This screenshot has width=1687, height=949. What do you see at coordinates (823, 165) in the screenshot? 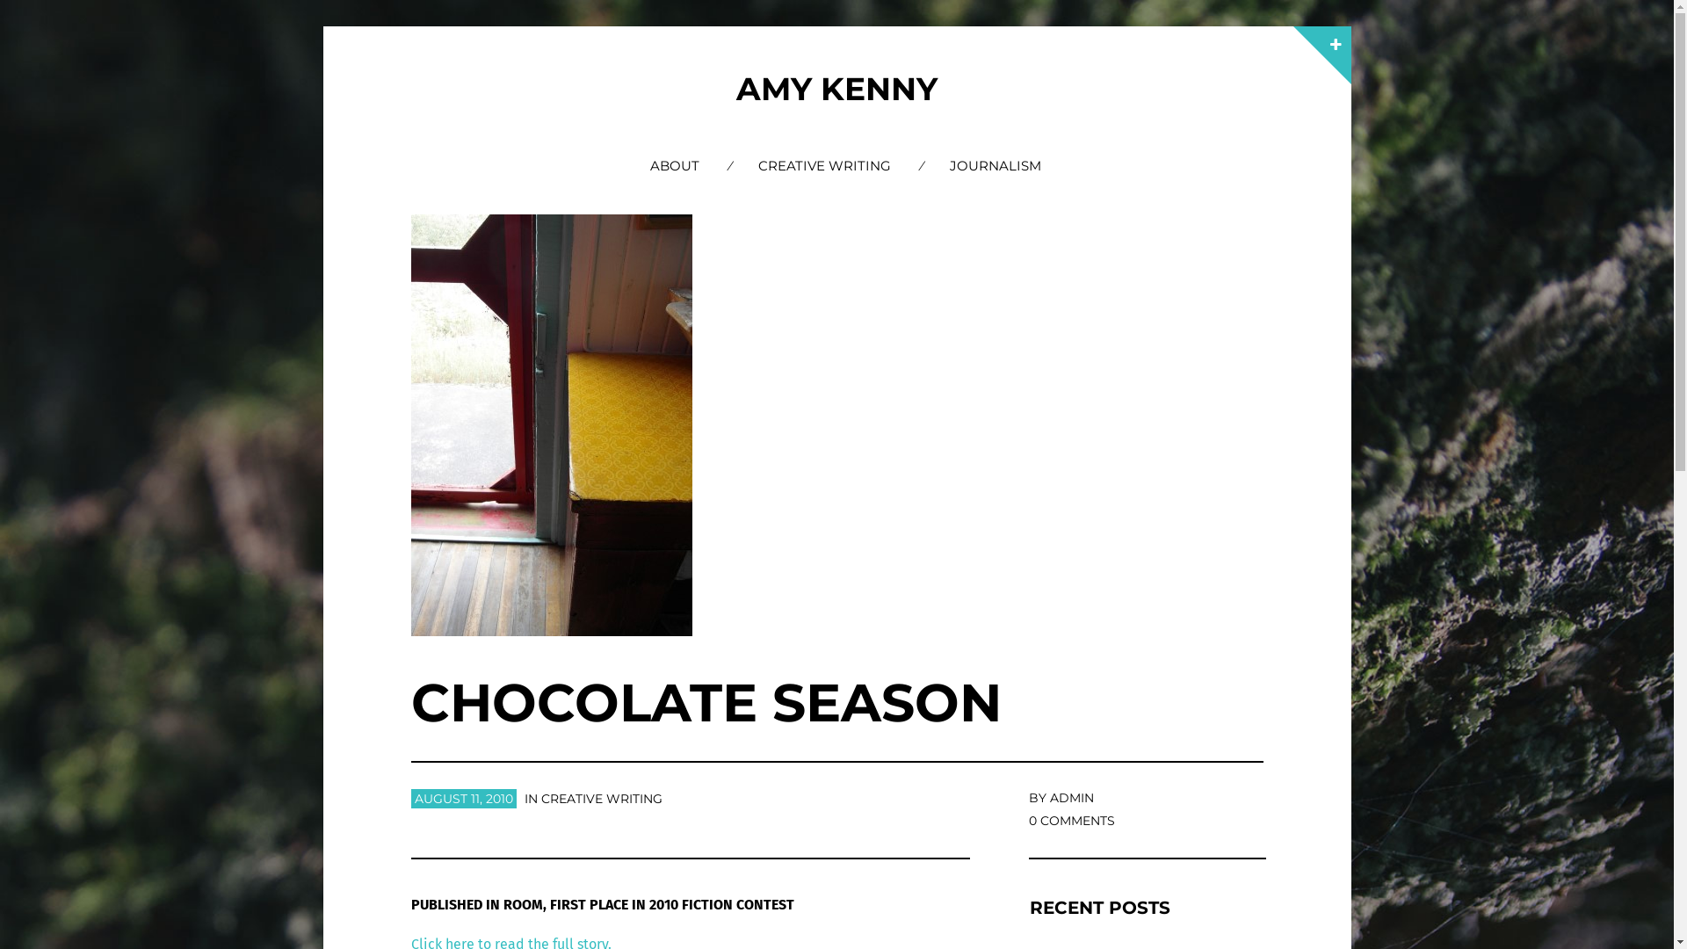
I see `'CREATIVE WRITING'` at bounding box center [823, 165].